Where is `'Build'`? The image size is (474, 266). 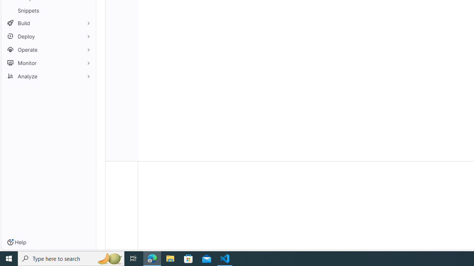 'Build' is located at coordinates (48, 23).